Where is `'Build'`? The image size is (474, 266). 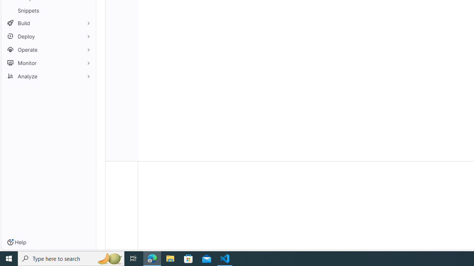 'Build' is located at coordinates (48, 23).